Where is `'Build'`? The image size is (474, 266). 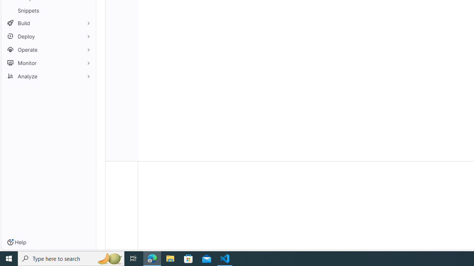 'Build' is located at coordinates (48, 23).